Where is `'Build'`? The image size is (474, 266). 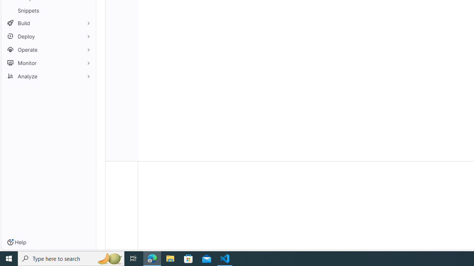 'Build' is located at coordinates (48, 23).